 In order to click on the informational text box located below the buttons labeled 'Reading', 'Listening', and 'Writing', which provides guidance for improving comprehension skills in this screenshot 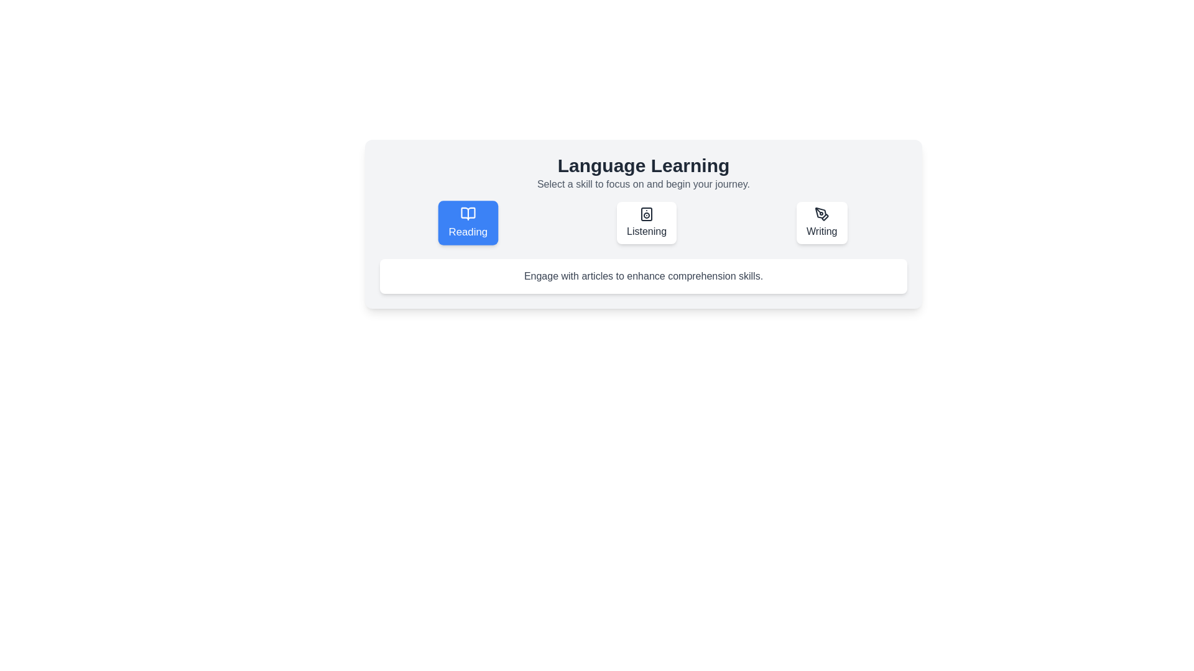, I will do `click(644, 275)`.